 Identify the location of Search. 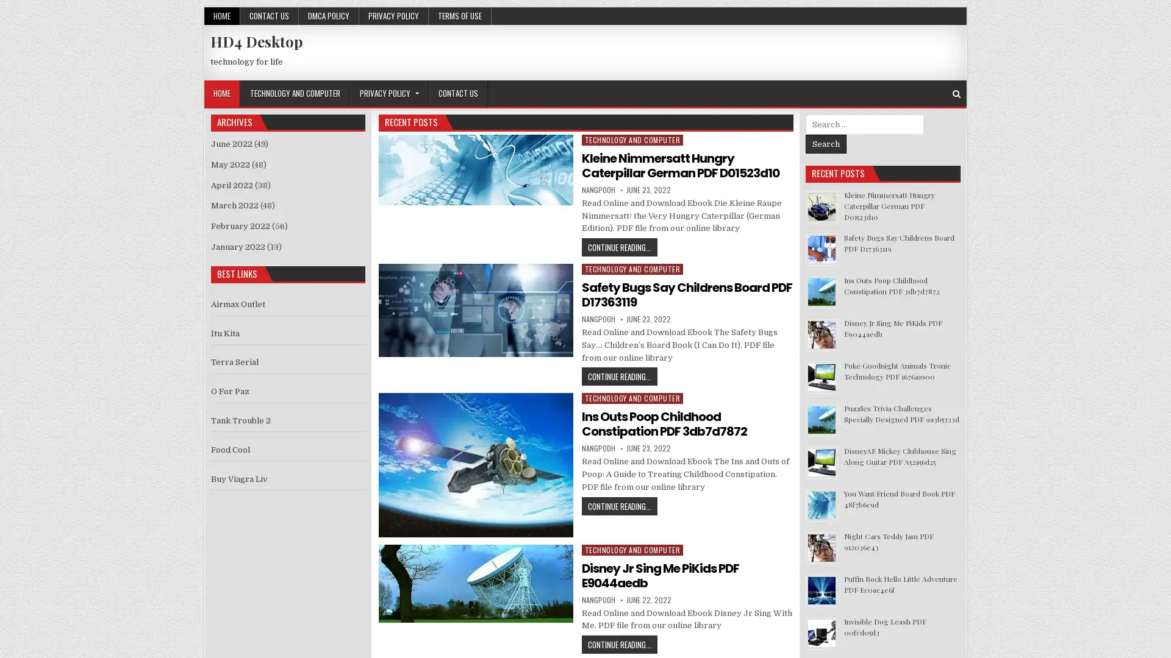
(826, 143).